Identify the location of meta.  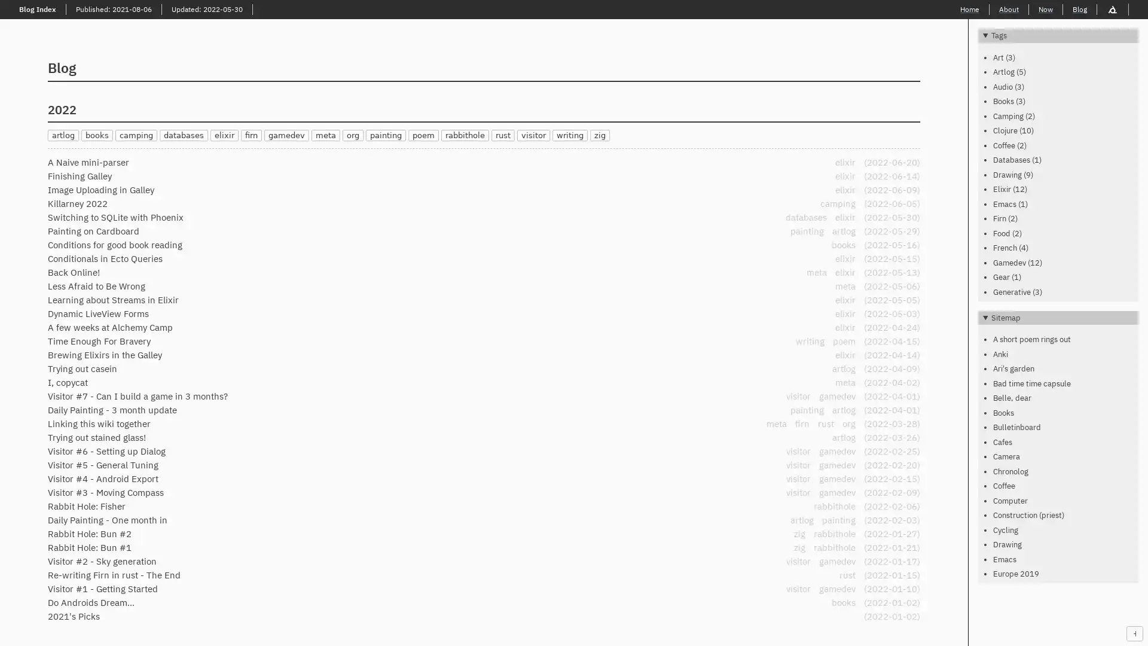
(326, 135).